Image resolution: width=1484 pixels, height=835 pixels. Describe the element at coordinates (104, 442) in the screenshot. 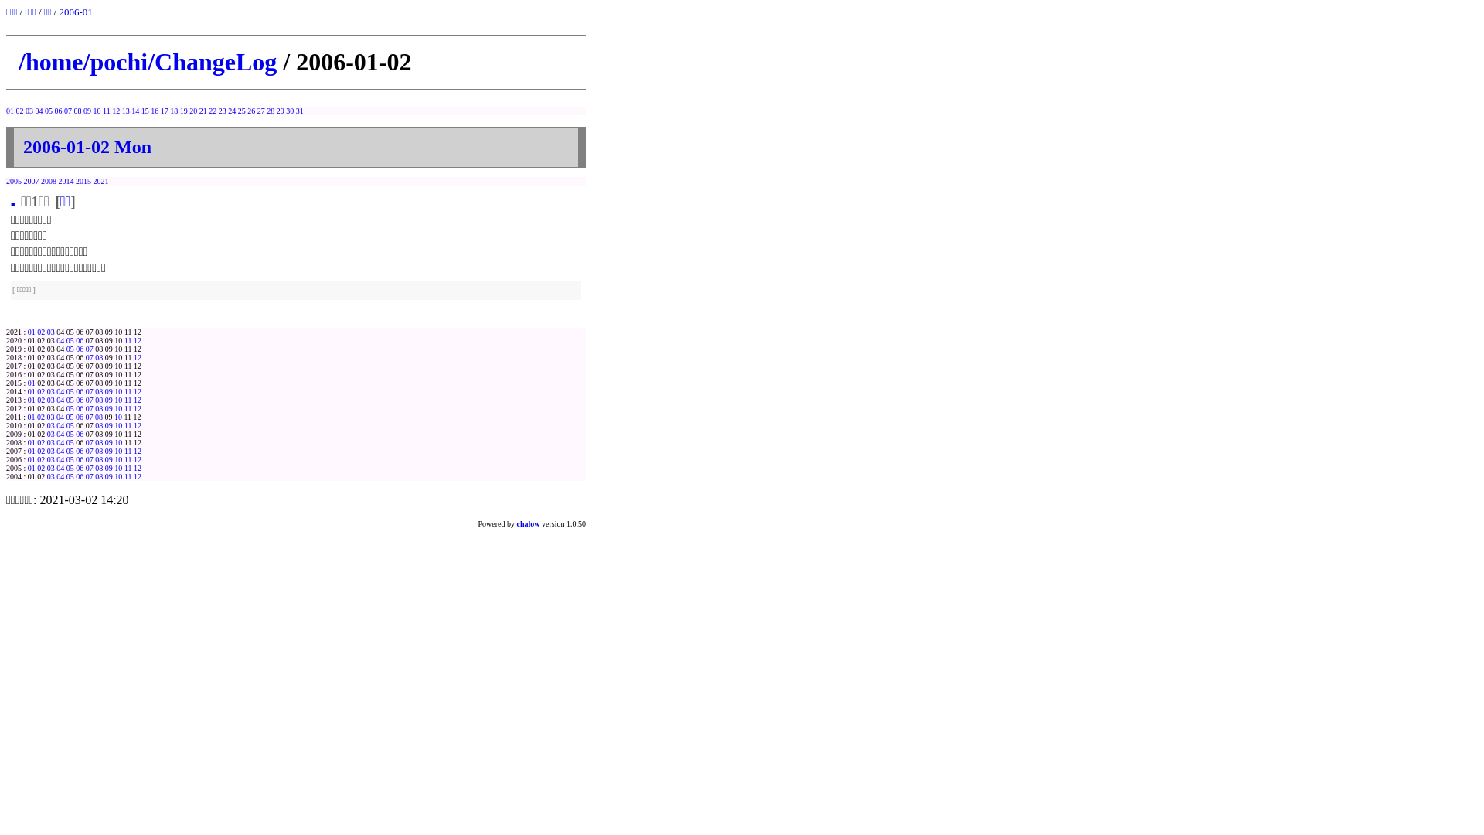

I see `'09'` at that location.